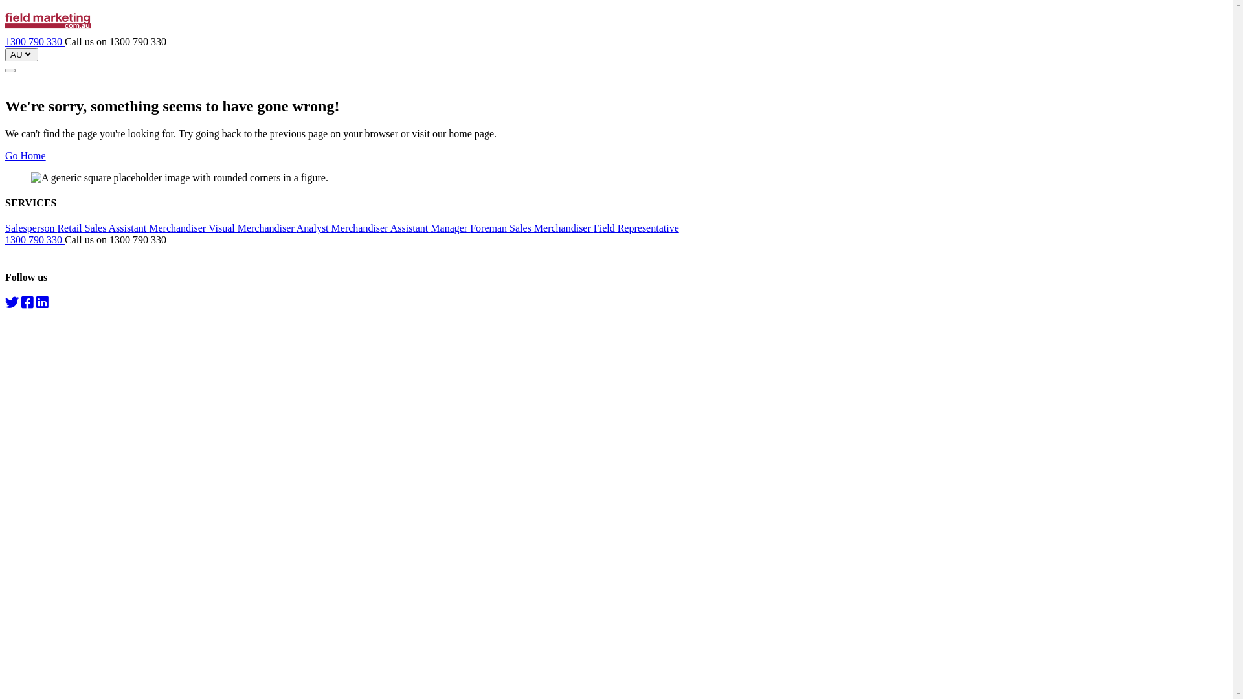 This screenshot has width=1243, height=699. What do you see at coordinates (509, 227) in the screenshot?
I see `'Sales Merchandiser'` at bounding box center [509, 227].